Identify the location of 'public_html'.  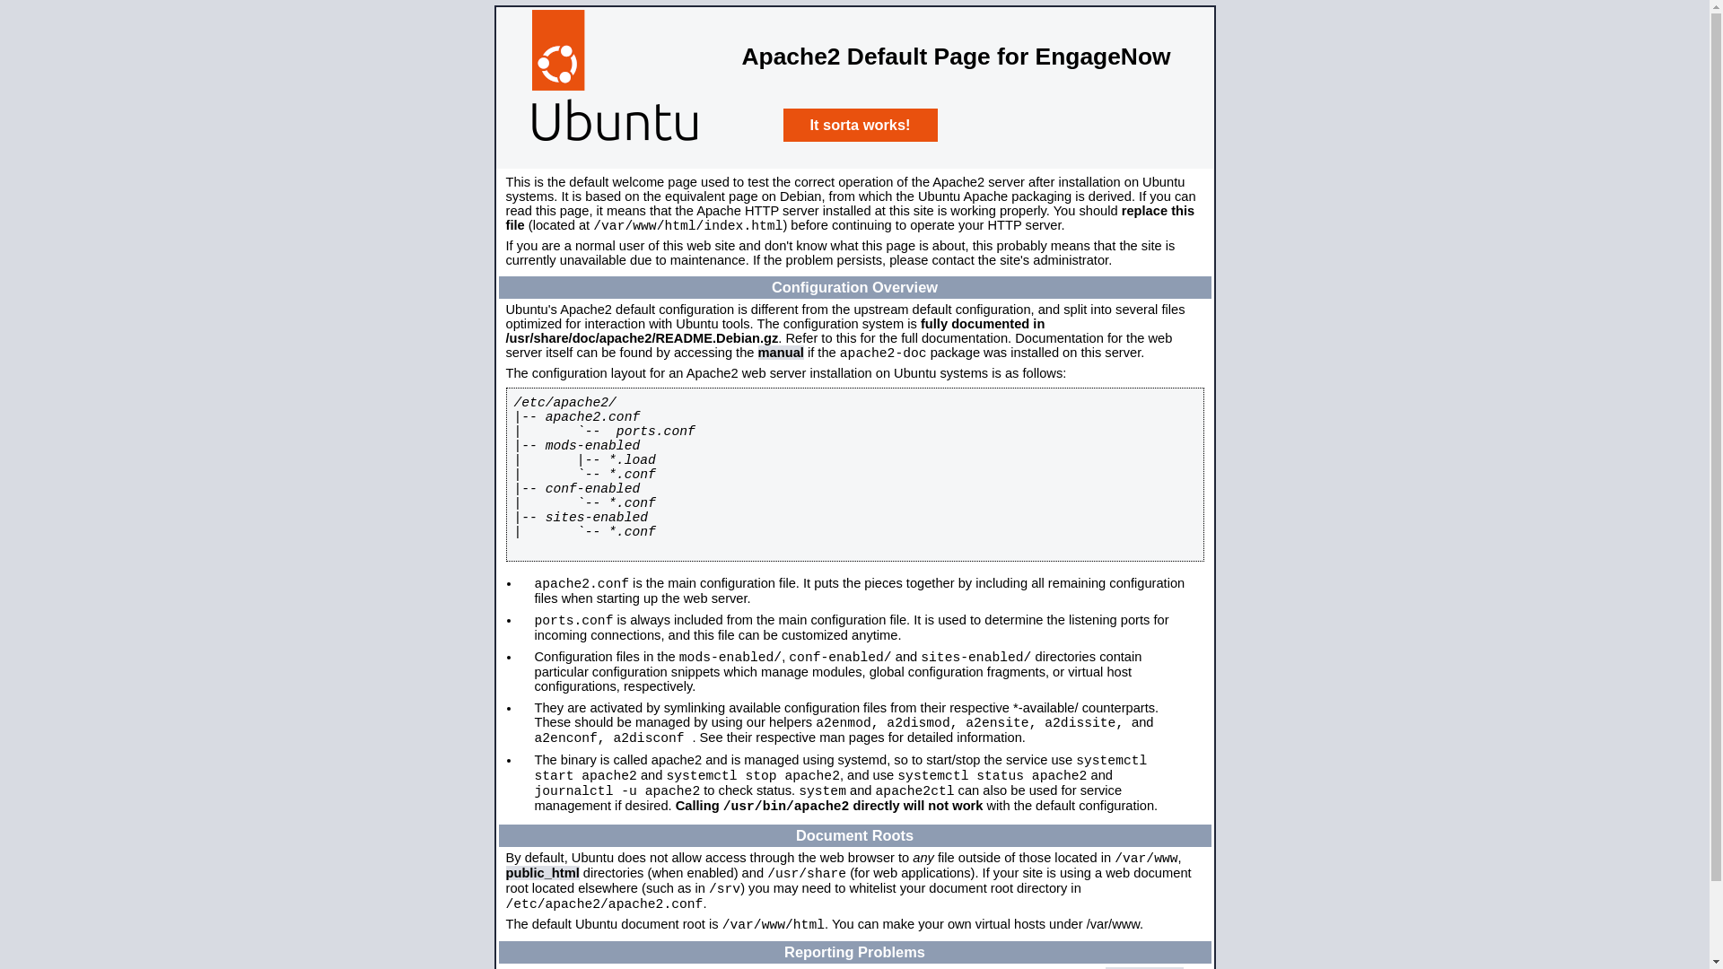
(541, 871).